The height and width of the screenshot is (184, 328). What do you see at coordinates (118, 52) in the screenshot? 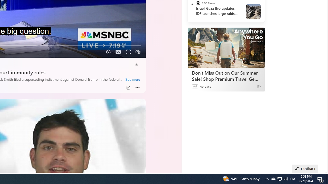
I see `'Captions'` at bounding box center [118, 52].